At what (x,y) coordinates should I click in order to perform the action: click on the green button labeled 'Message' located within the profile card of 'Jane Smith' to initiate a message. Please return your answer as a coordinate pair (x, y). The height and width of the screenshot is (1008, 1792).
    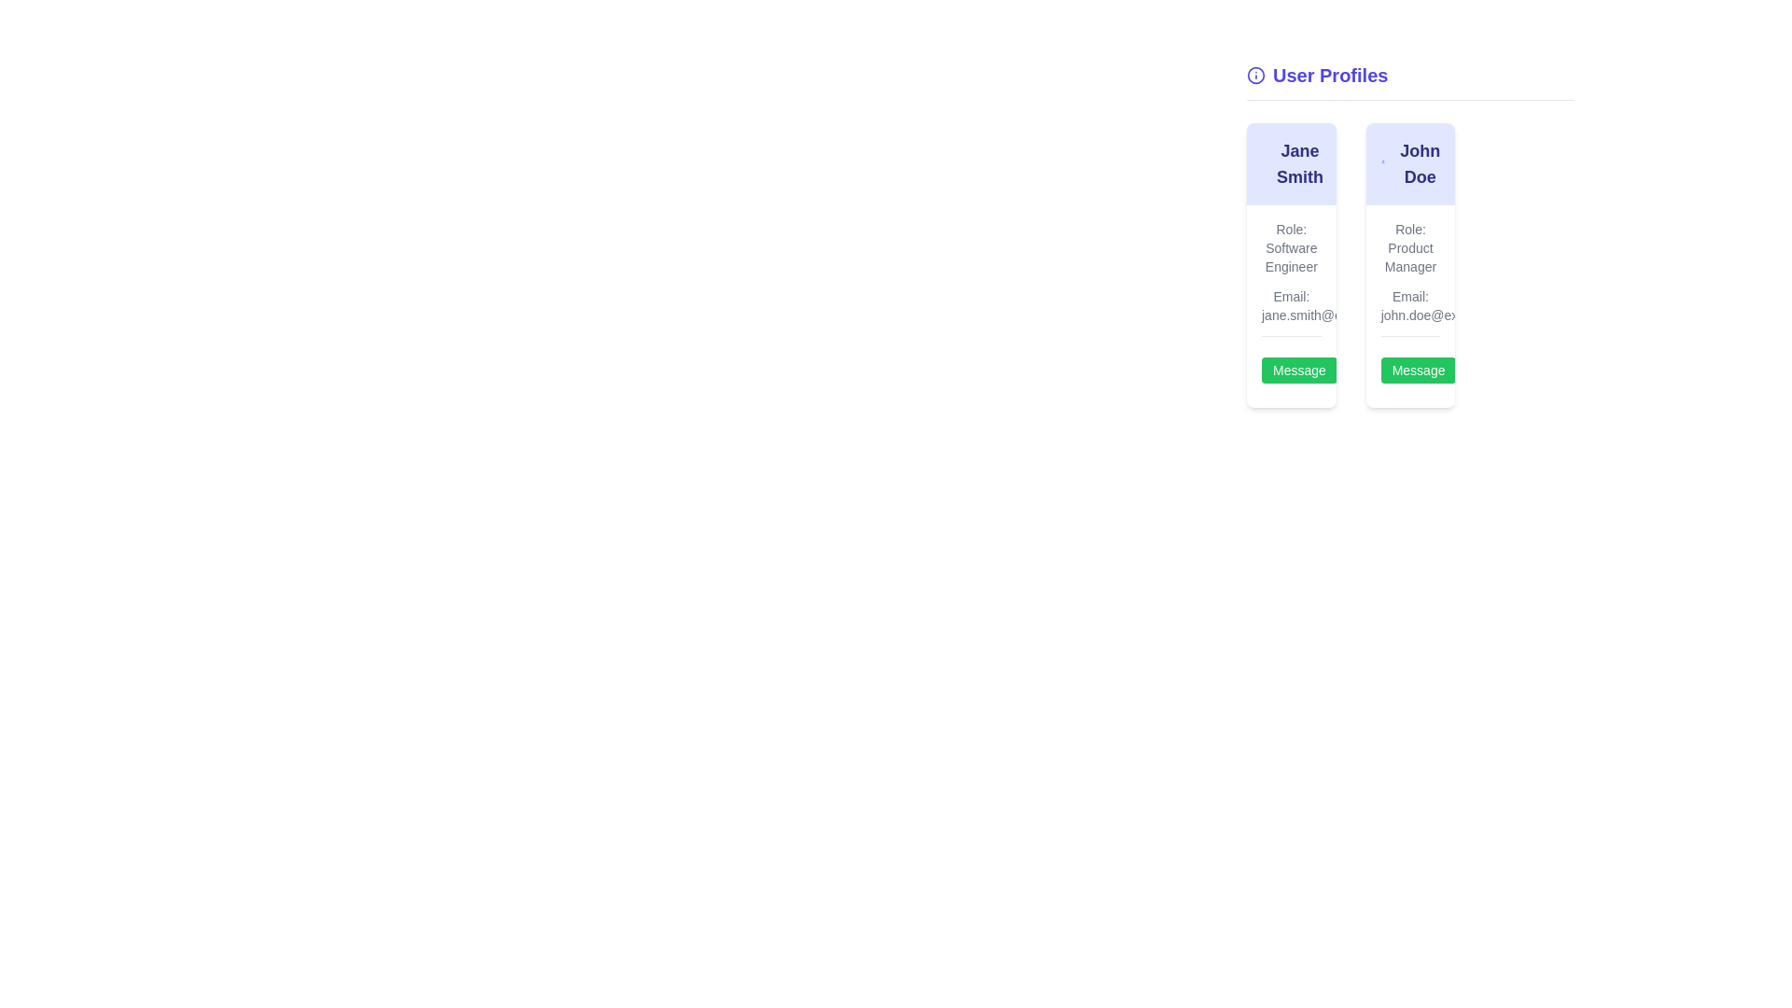
    Looking at the image, I should click on (1298, 371).